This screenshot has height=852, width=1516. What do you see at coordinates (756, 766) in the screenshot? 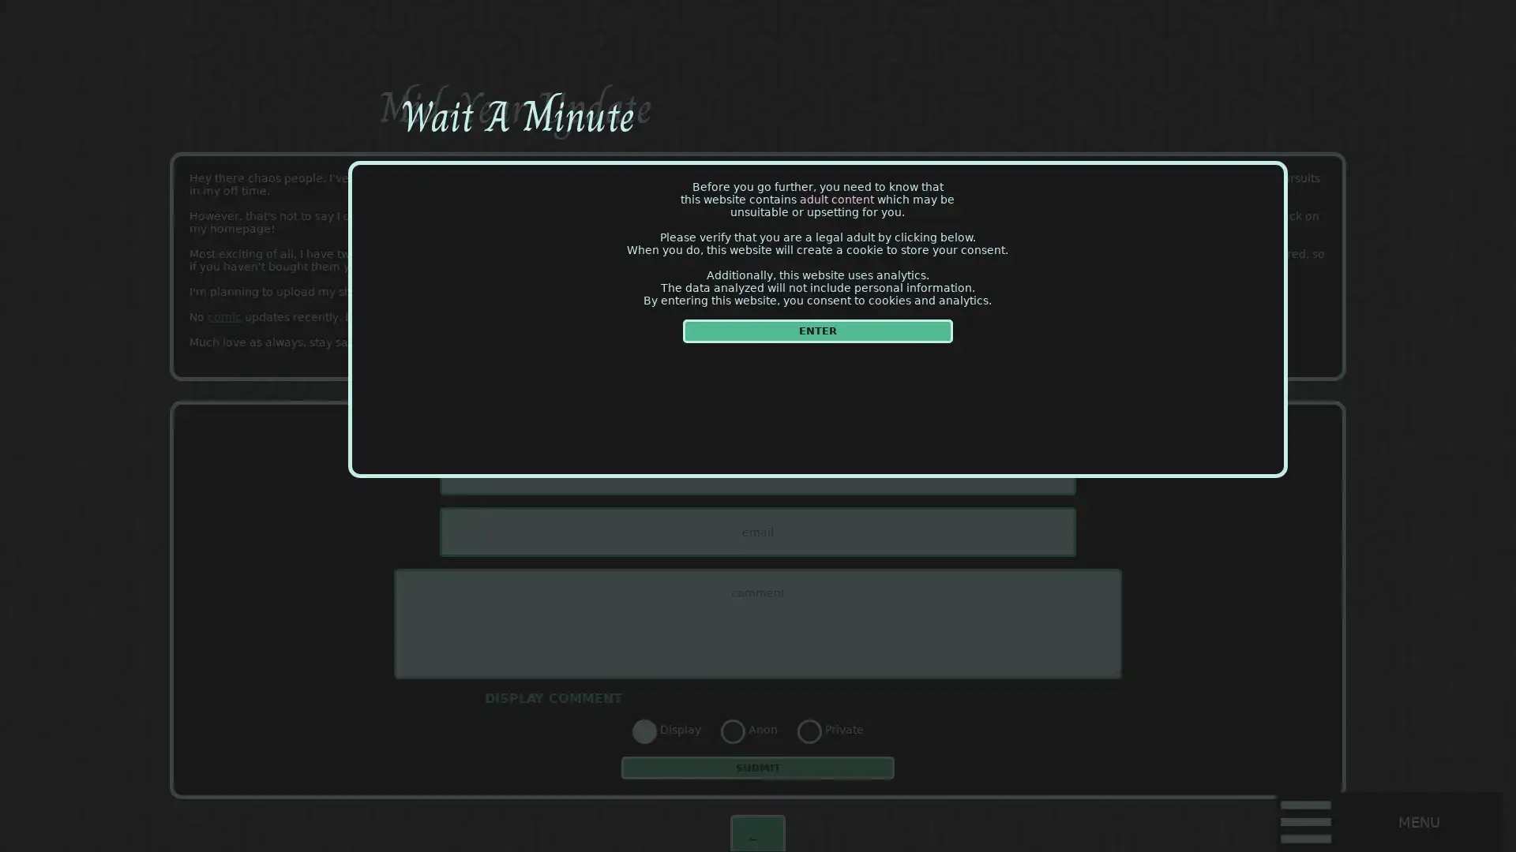
I see `SUBMIT` at bounding box center [756, 766].